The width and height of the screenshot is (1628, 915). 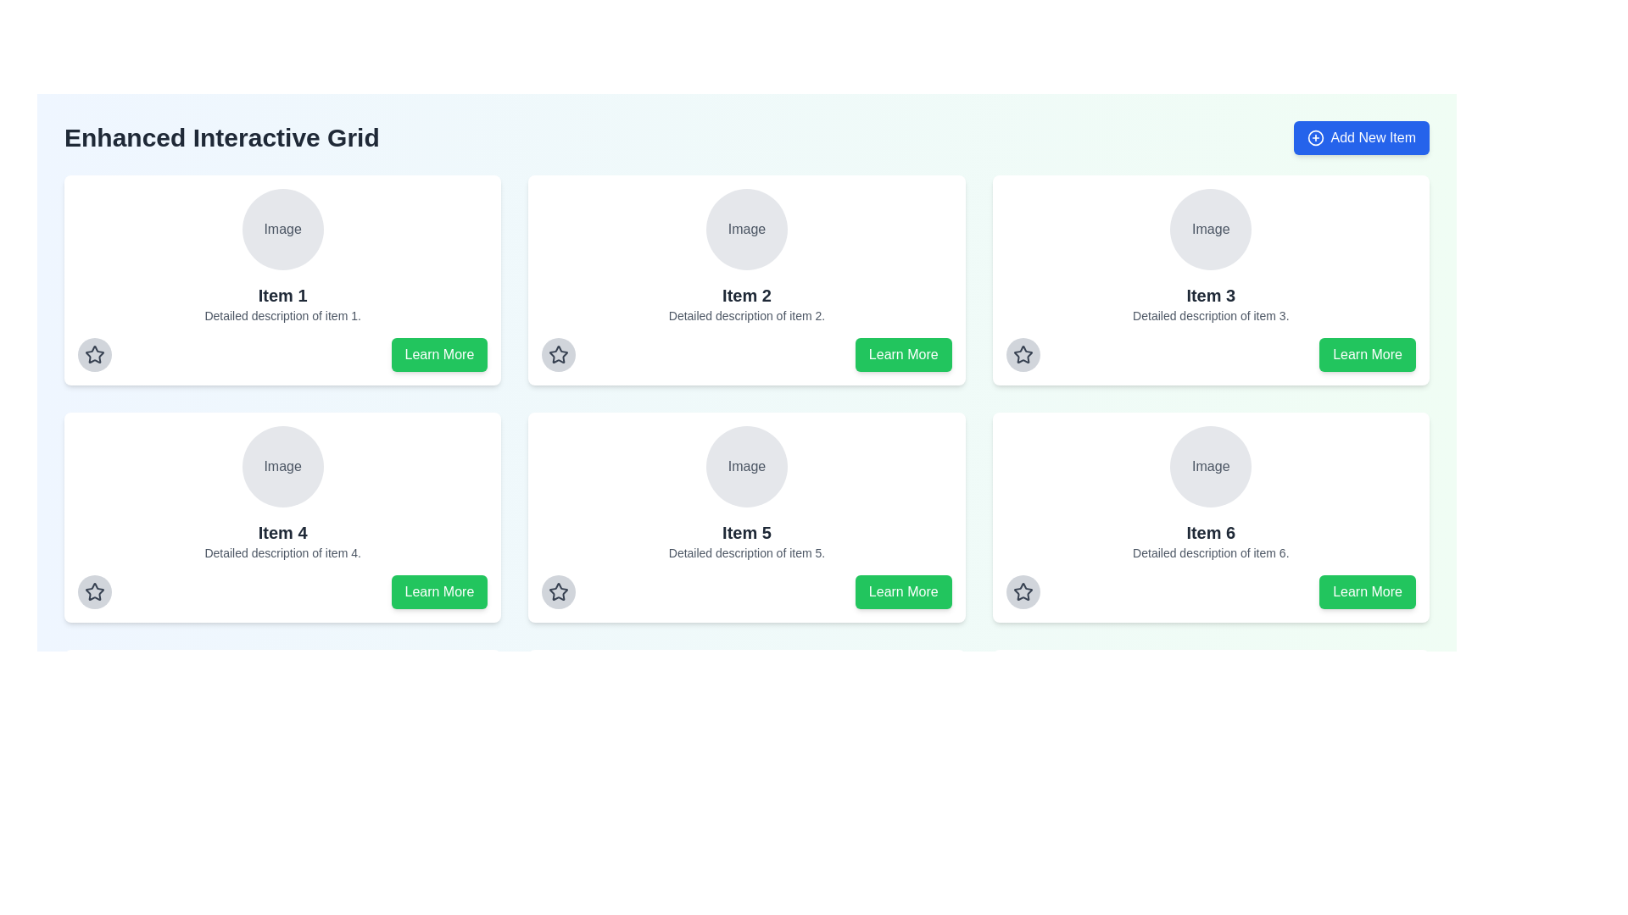 I want to click on the informational text located at the bottom section of the first card in the grid layout, directly below the heading 'Item 1' and above the 'Learn More' button, so click(x=282, y=316).